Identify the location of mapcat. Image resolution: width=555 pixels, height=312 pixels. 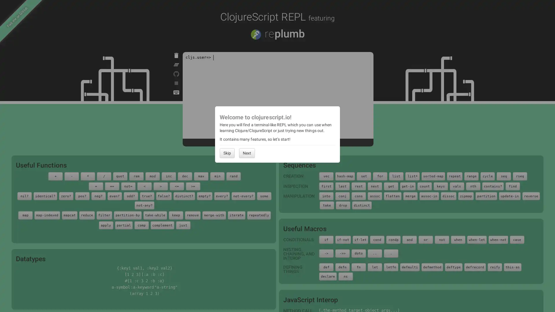
(69, 215).